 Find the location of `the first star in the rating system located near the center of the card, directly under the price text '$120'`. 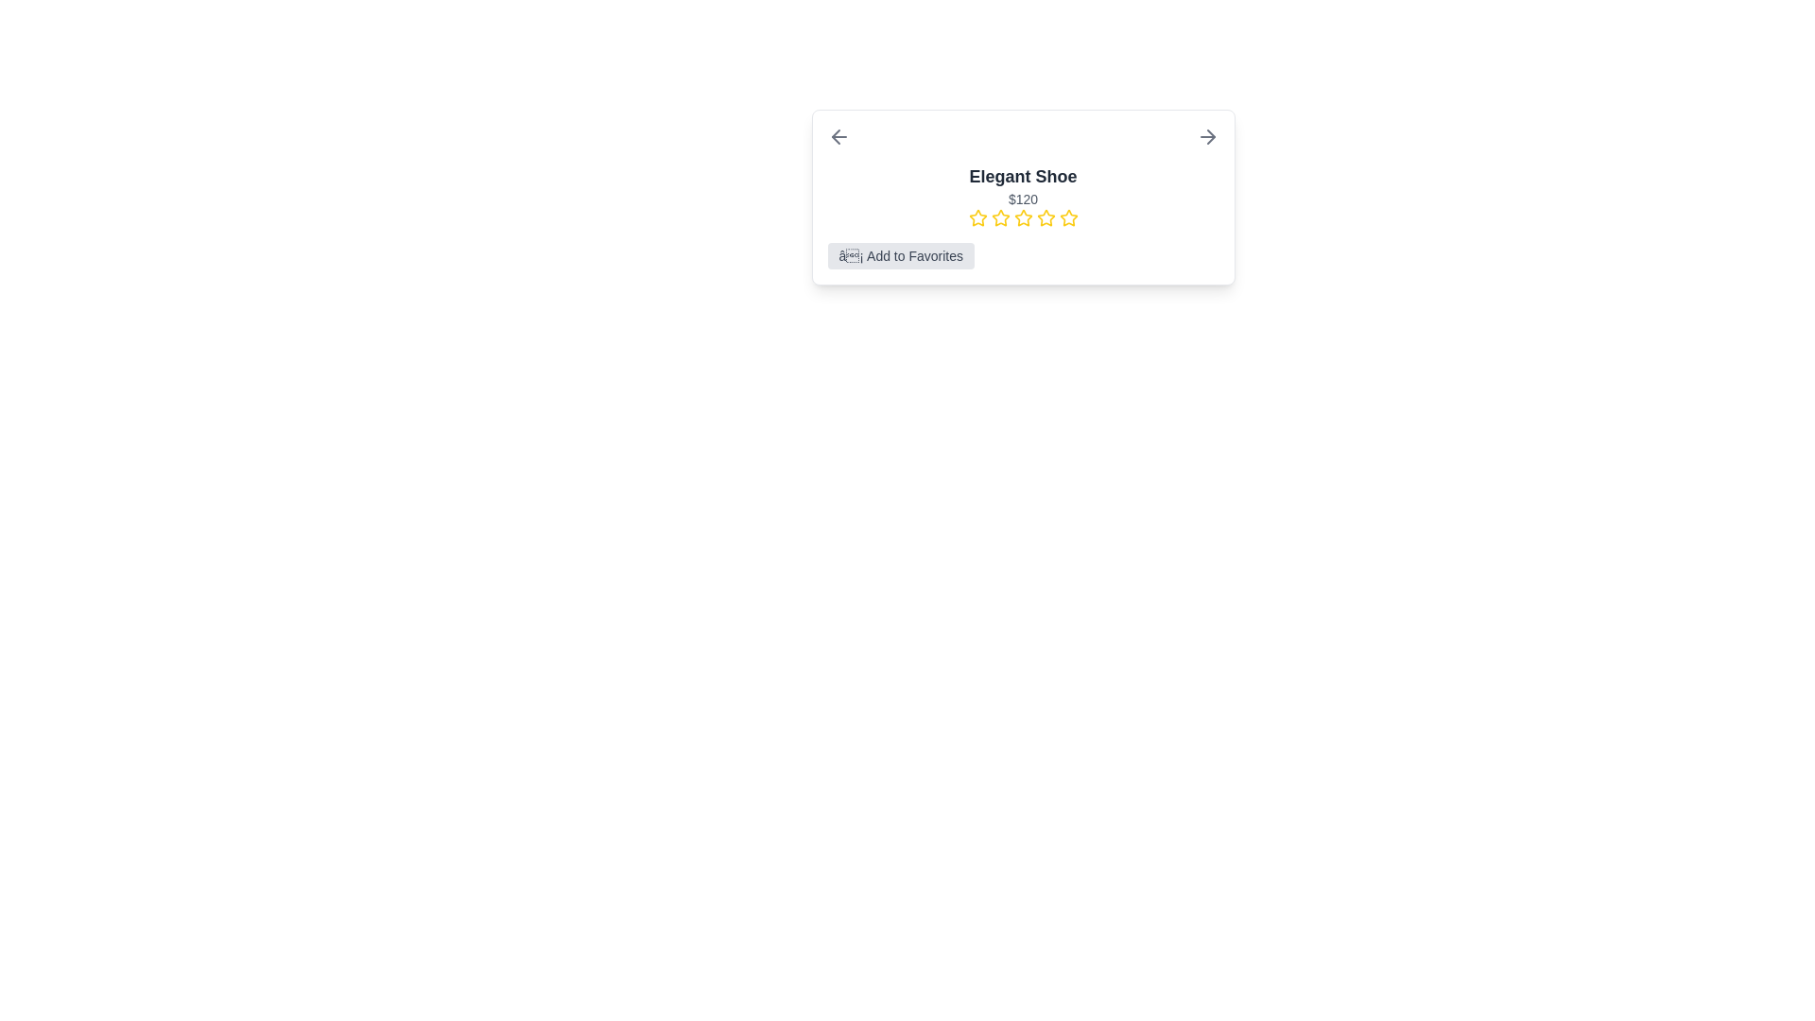

the first star in the rating system located near the center of the card, directly under the price text '$120' is located at coordinates (977, 216).